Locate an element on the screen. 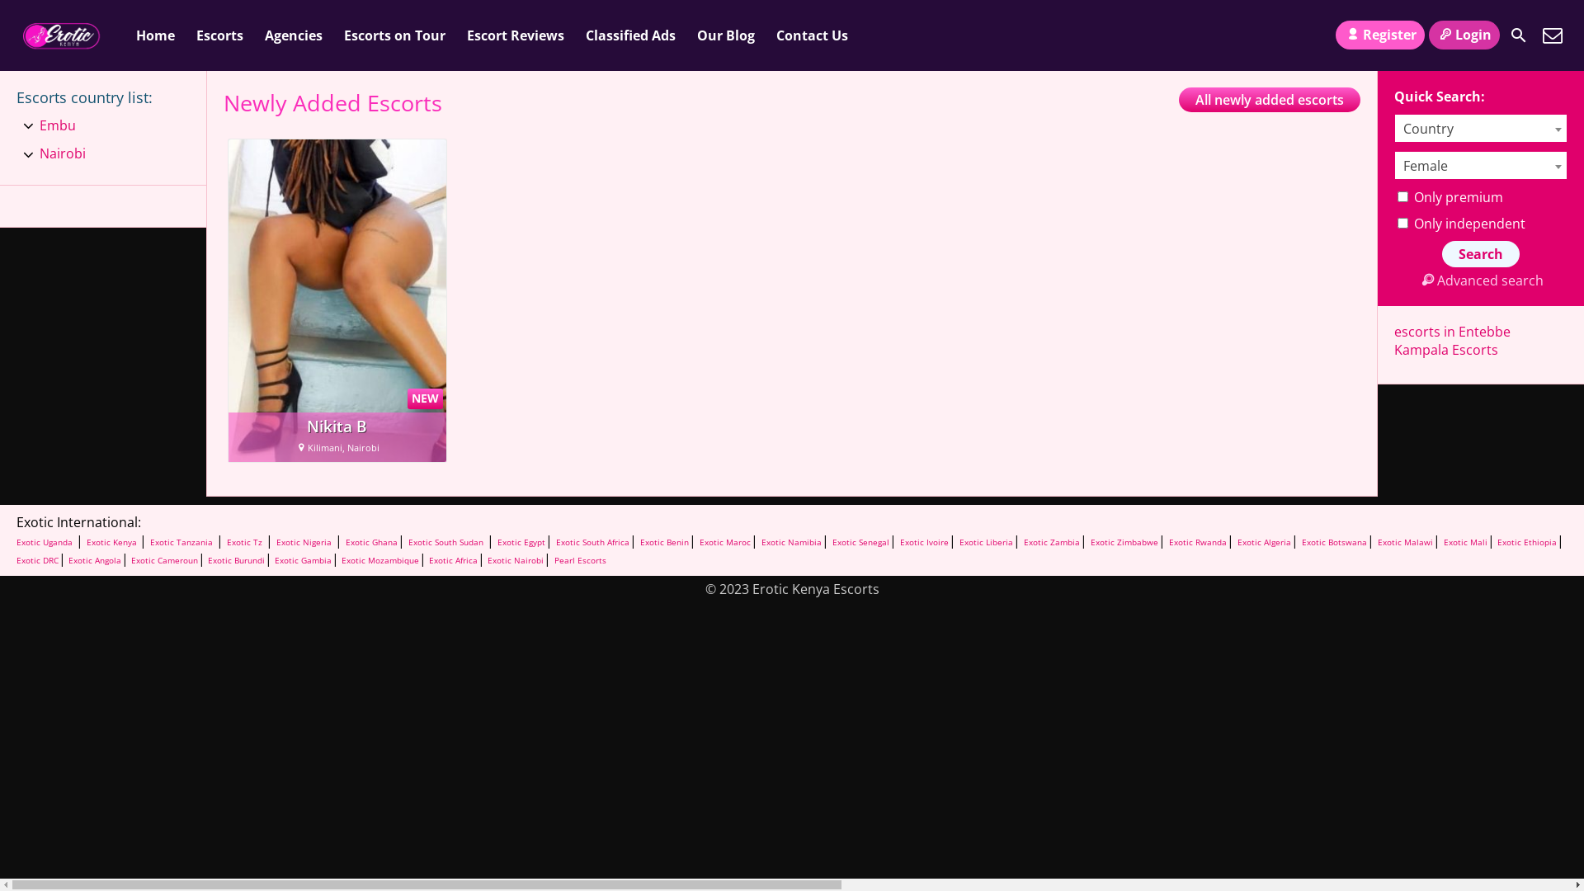 The height and width of the screenshot is (891, 1584). 'Exotic Ethiopia' is located at coordinates (1494, 541).